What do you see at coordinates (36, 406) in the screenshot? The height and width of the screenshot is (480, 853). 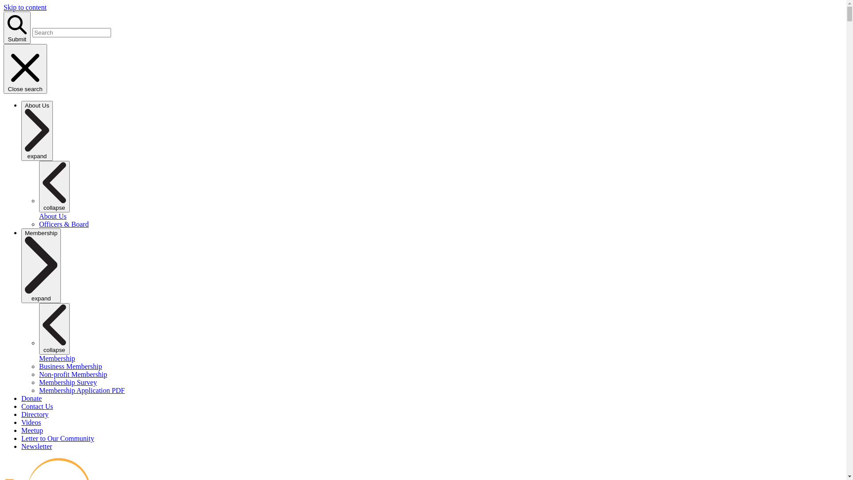 I see `'Contact Us'` at bounding box center [36, 406].